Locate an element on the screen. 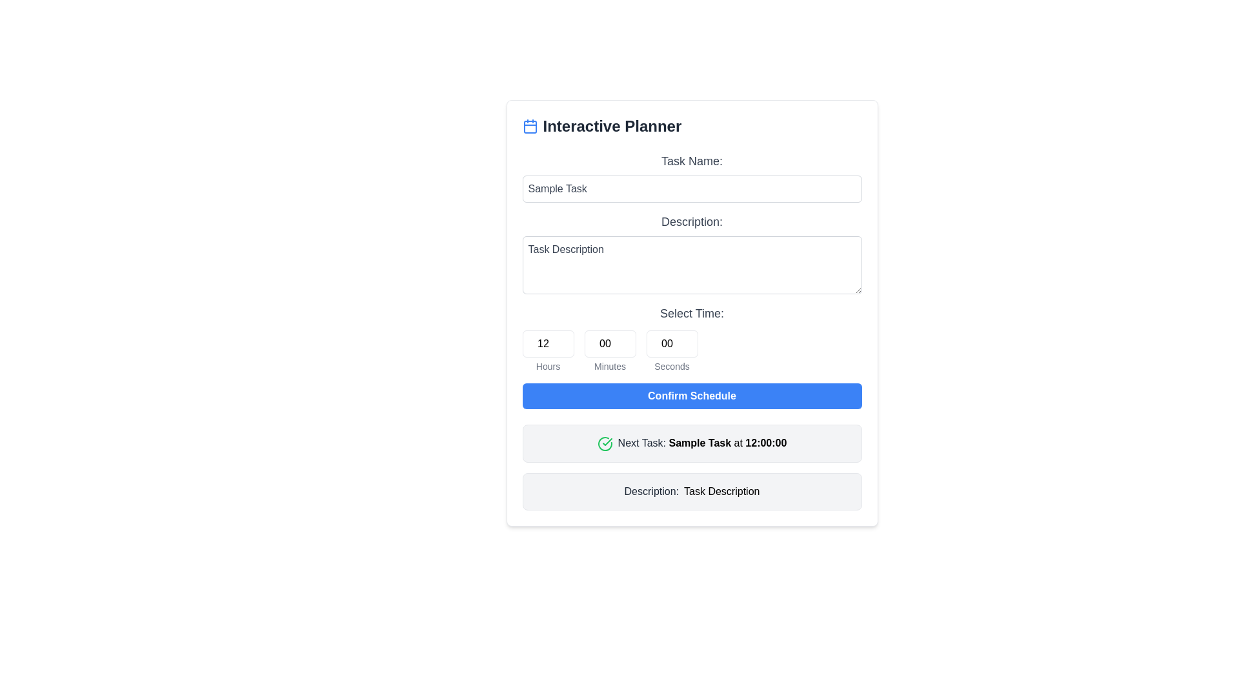 Image resolution: width=1239 pixels, height=697 pixels. the number input field for seconds, which is styled with a border and rounded corners, displaying '00' at its center, to focus the input is located at coordinates (671, 343).